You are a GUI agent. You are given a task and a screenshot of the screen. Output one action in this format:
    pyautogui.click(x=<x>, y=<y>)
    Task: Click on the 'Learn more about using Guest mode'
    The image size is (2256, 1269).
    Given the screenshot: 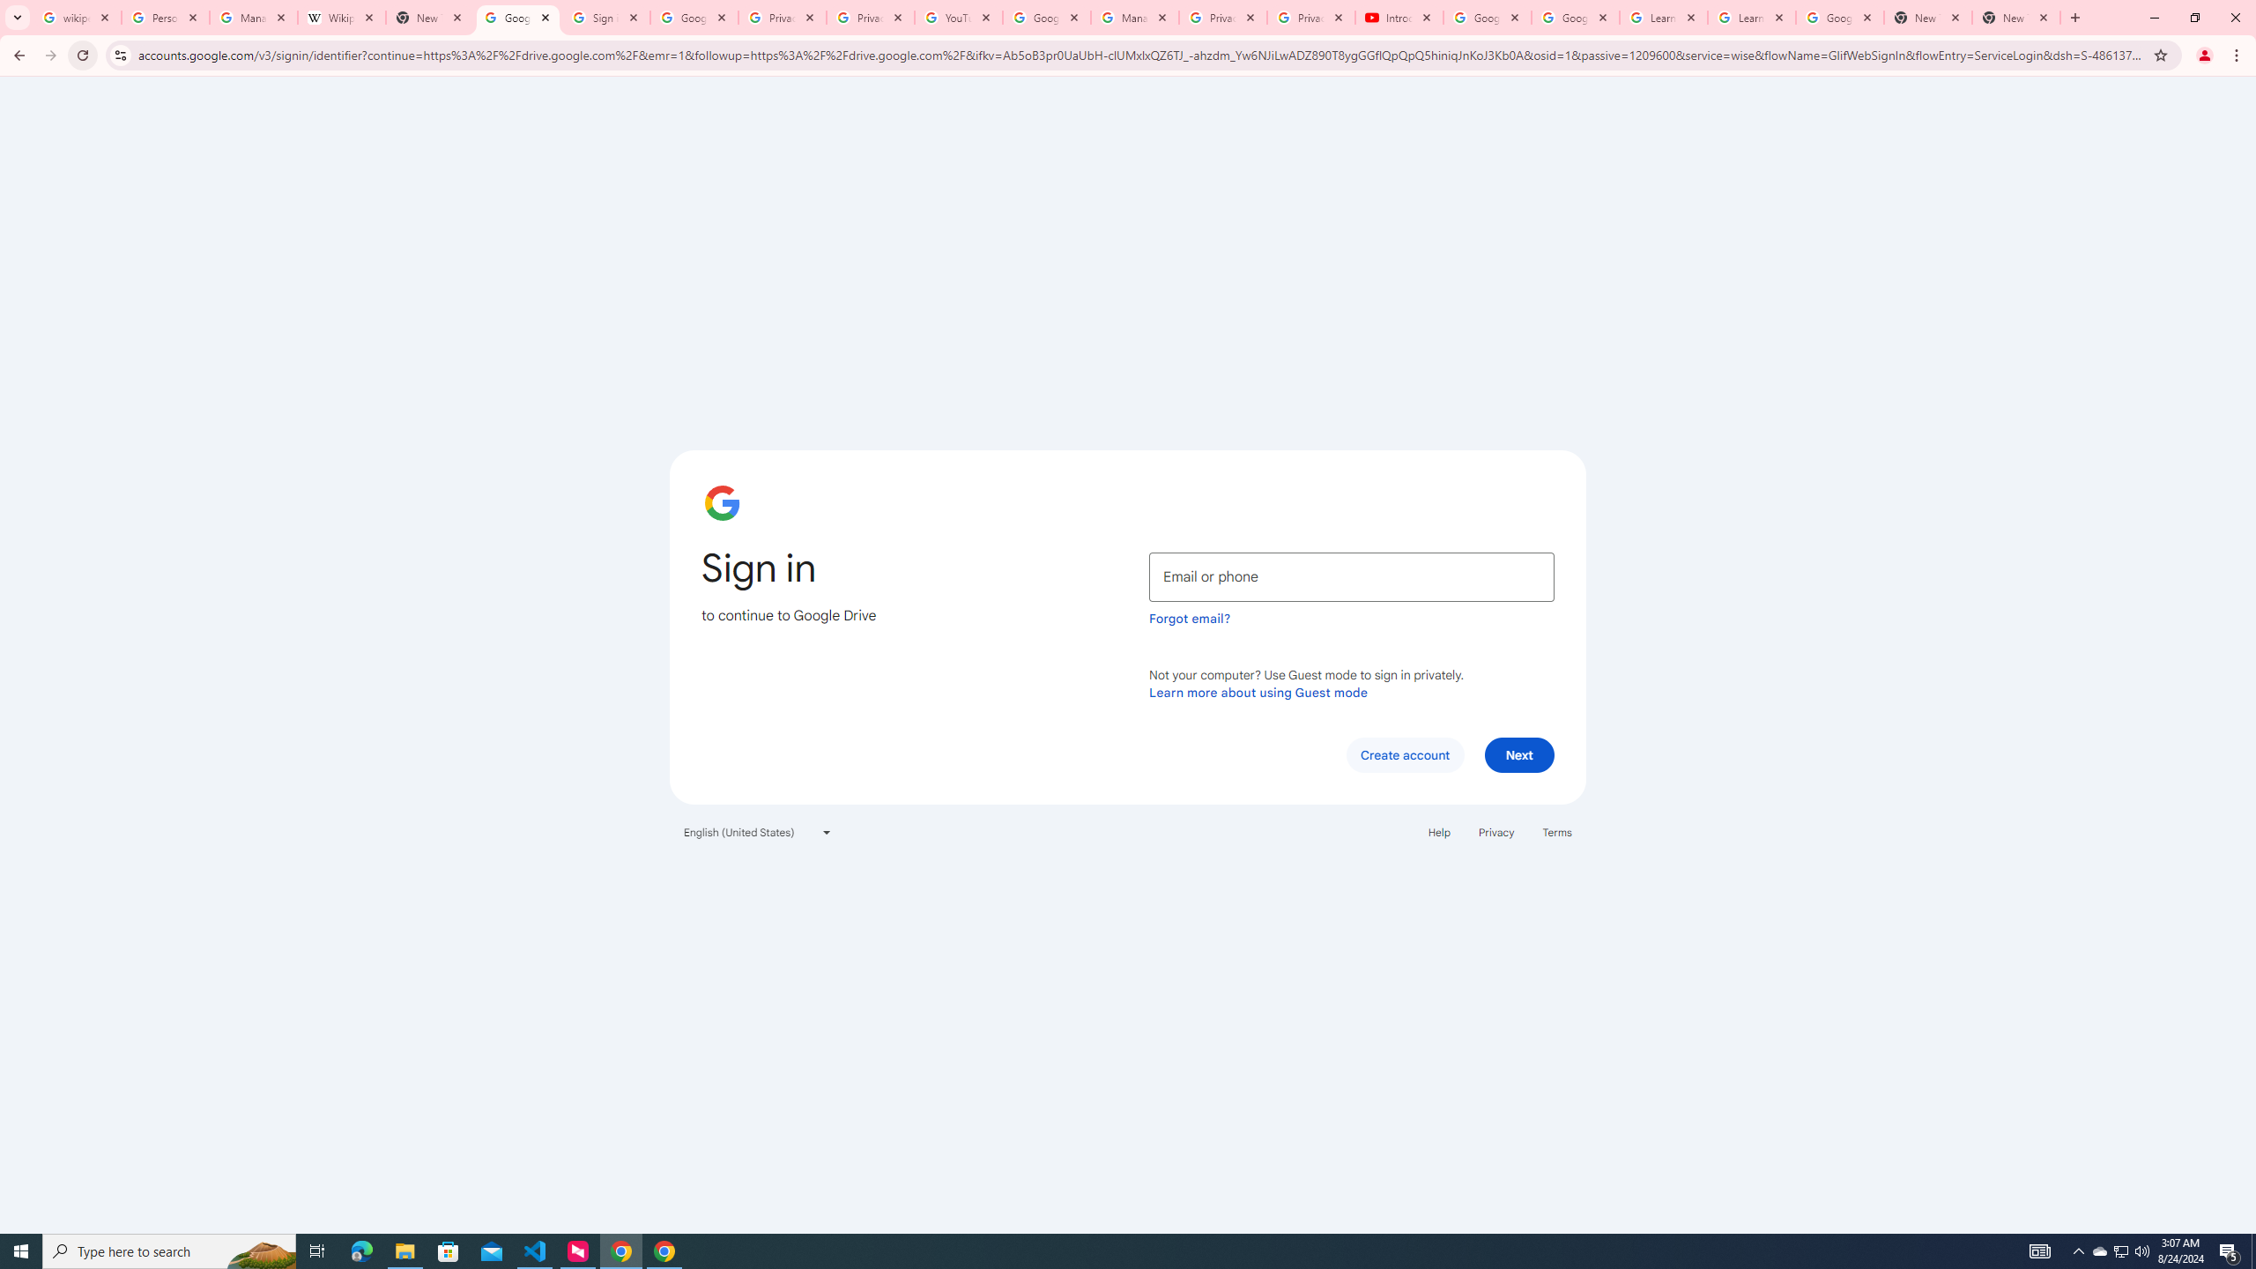 What is the action you would take?
    pyautogui.click(x=1258, y=692)
    